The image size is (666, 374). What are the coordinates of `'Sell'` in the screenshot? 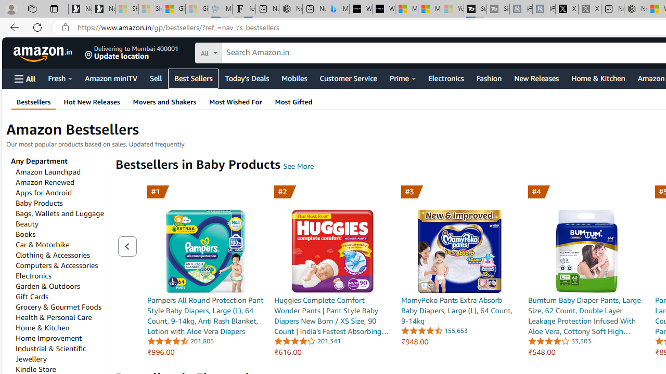 It's located at (155, 77).